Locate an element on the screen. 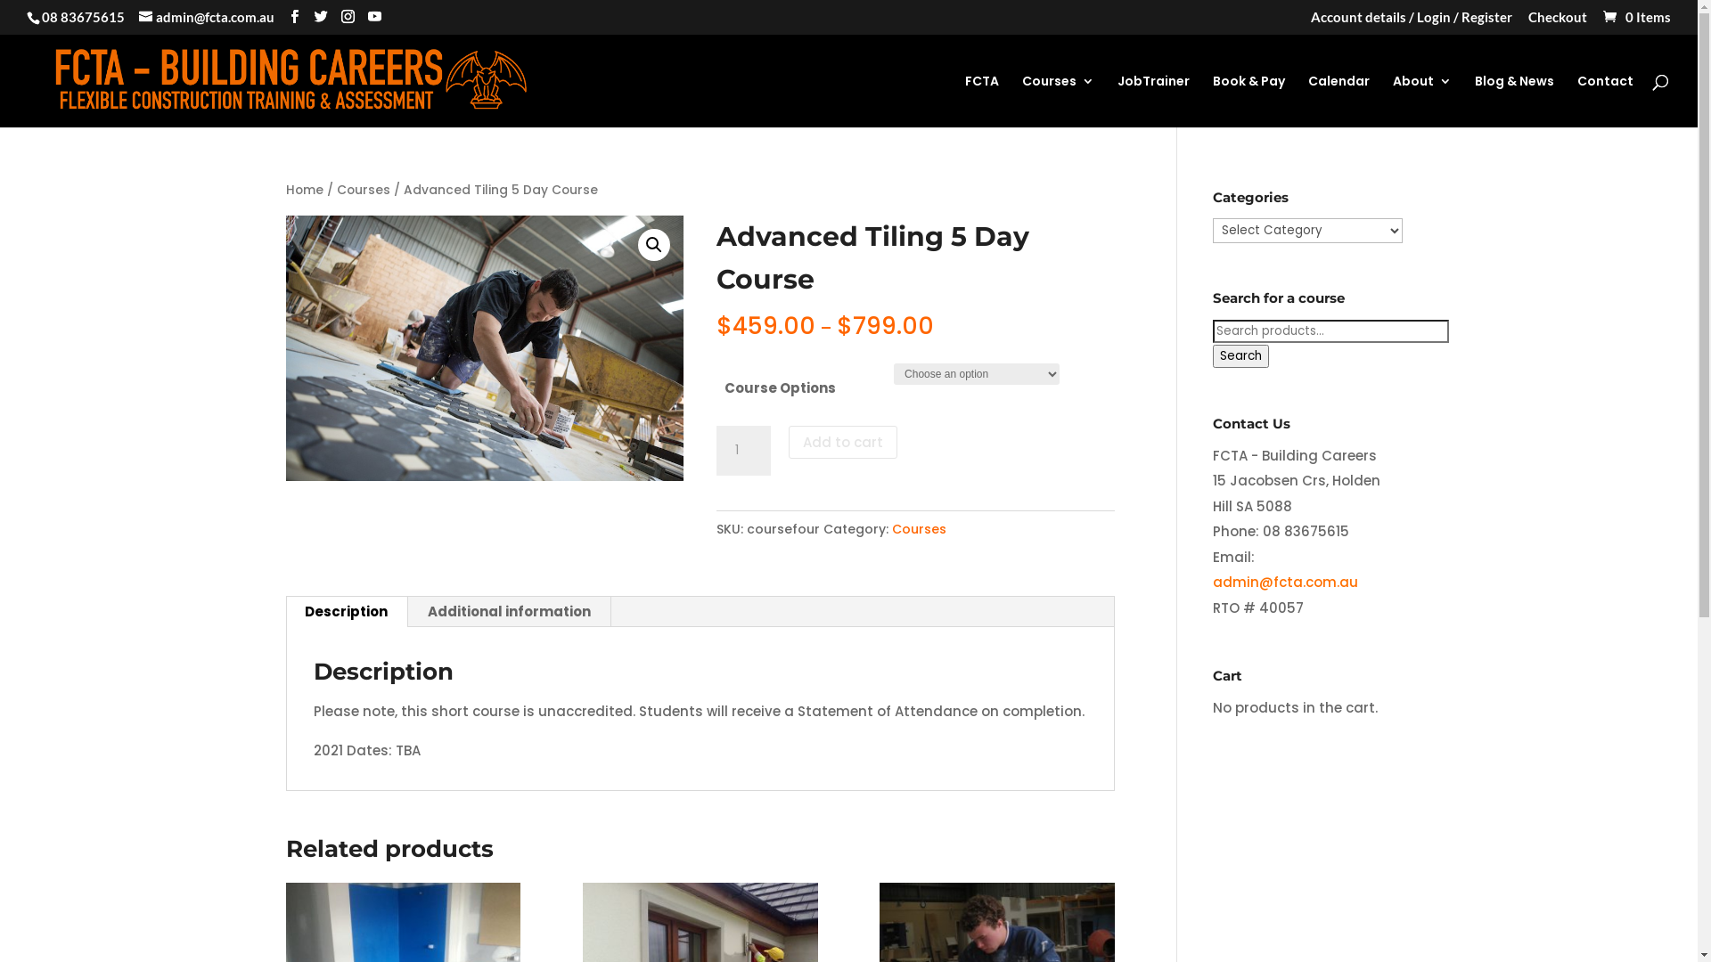  'admin@fcta.com.au' is located at coordinates (206, 17).